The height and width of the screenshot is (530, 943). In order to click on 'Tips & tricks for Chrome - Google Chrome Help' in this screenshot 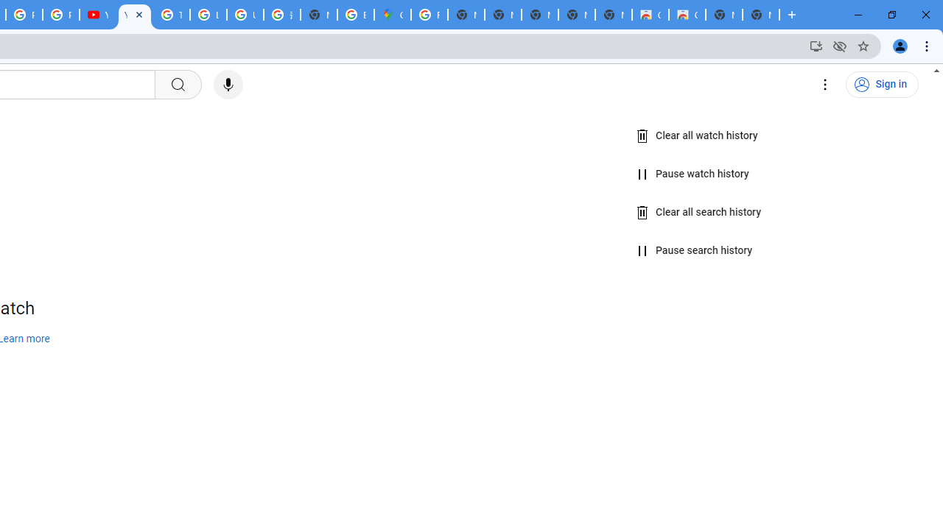, I will do `click(171, 15)`.